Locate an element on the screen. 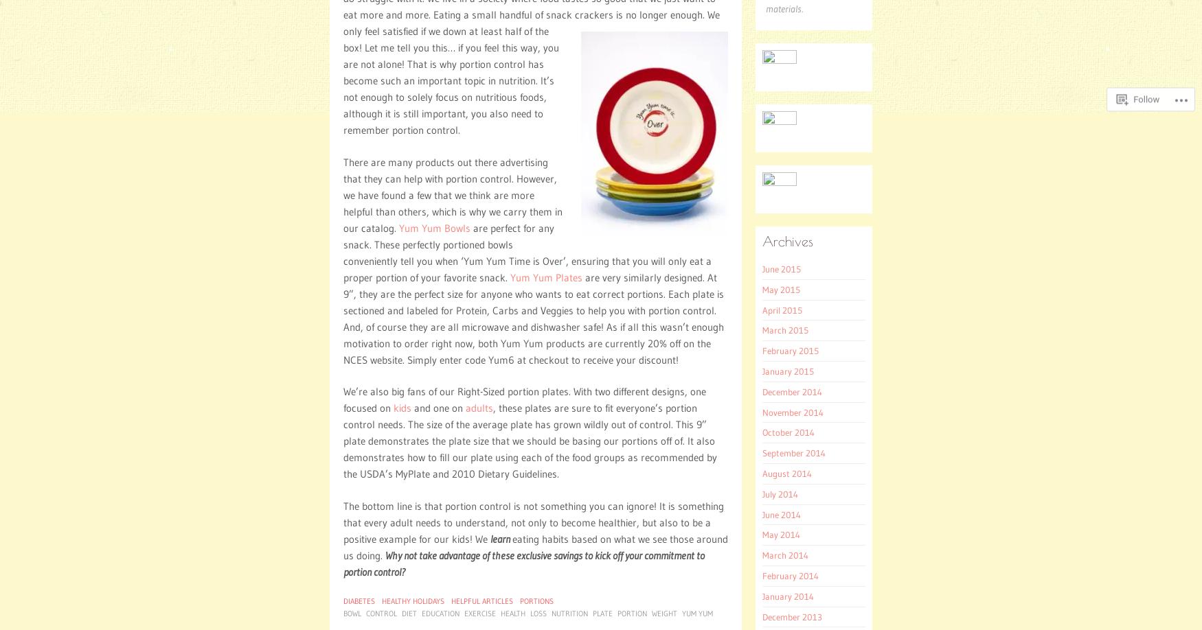 The image size is (1202, 630). 'are perfect for any snack. These perfectly portioned bowls conveniently tell you when ‘Yum Yum Time is Over’, ensuring that you will only eat a proper portion of your favorite snack.' is located at coordinates (343, 252).